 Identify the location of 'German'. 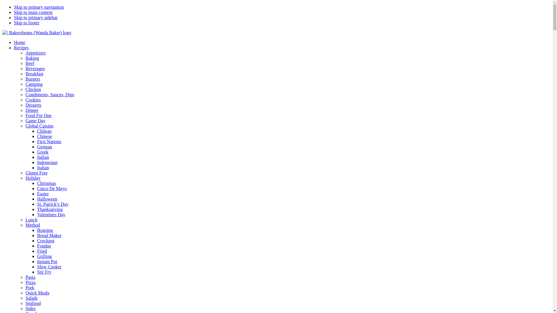
(44, 146).